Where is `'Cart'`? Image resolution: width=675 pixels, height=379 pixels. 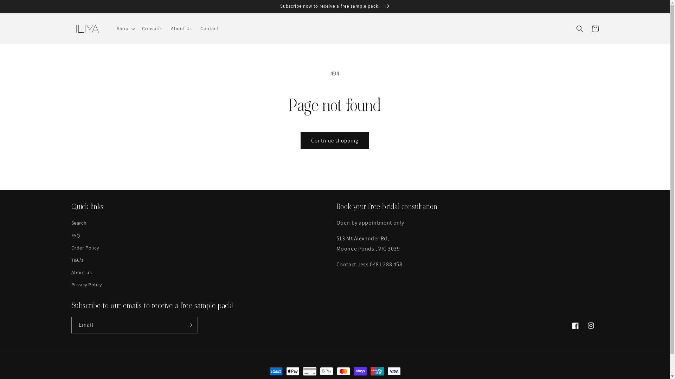 'Cart' is located at coordinates (594, 28).